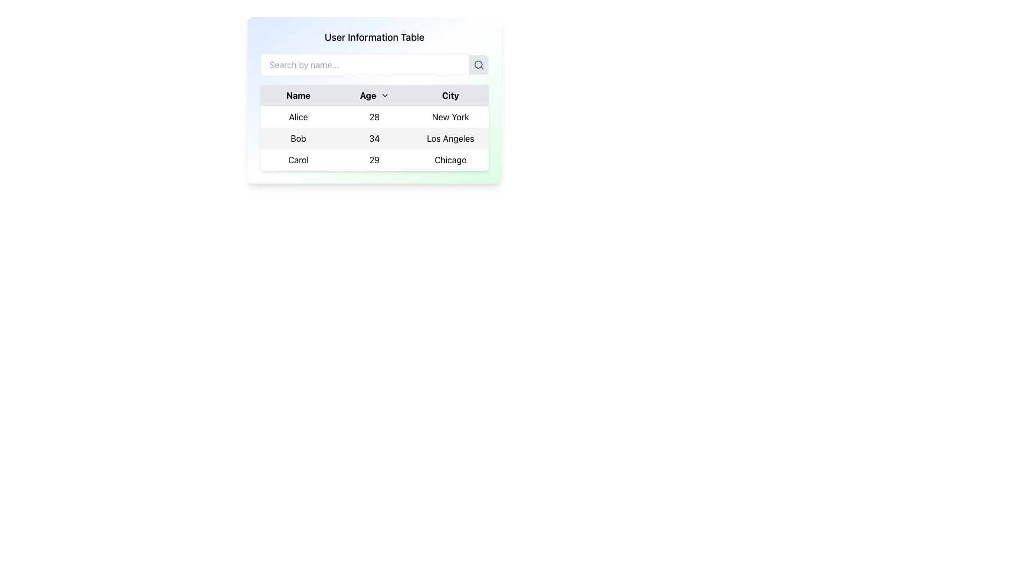  What do you see at coordinates (374, 95) in the screenshot?
I see `the 'Age' label in the Table Header Row to sort the column, which is located between the 'Name' and 'City' columns and features a downward-facing arrow` at bounding box center [374, 95].